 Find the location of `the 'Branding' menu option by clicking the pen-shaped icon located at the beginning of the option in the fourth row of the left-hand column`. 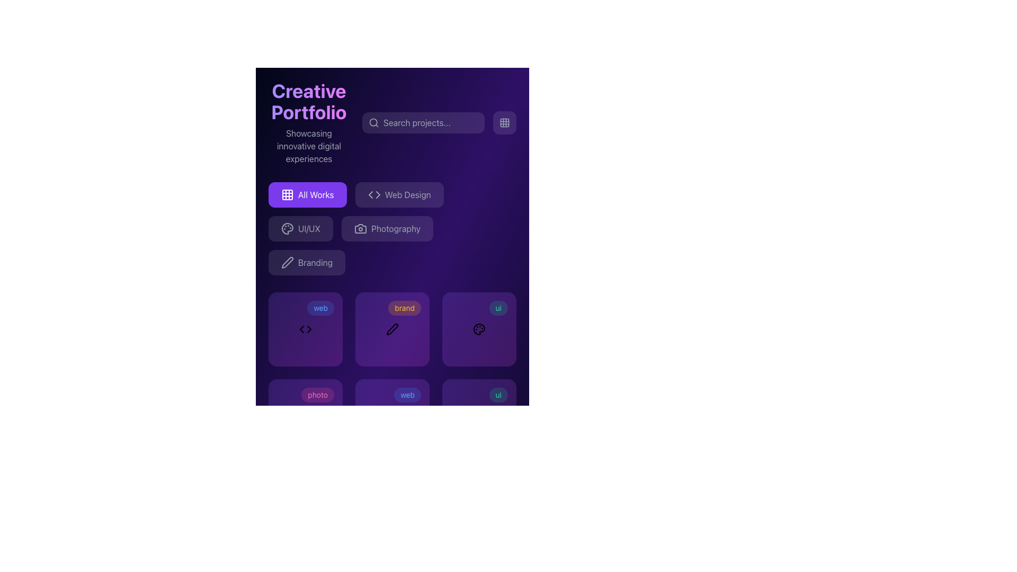

the 'Branding' menu option by clicking the pen-shaped icon located at the beginning of the option in the fourth row of the left-hand column is located at coordinates (287, 262).